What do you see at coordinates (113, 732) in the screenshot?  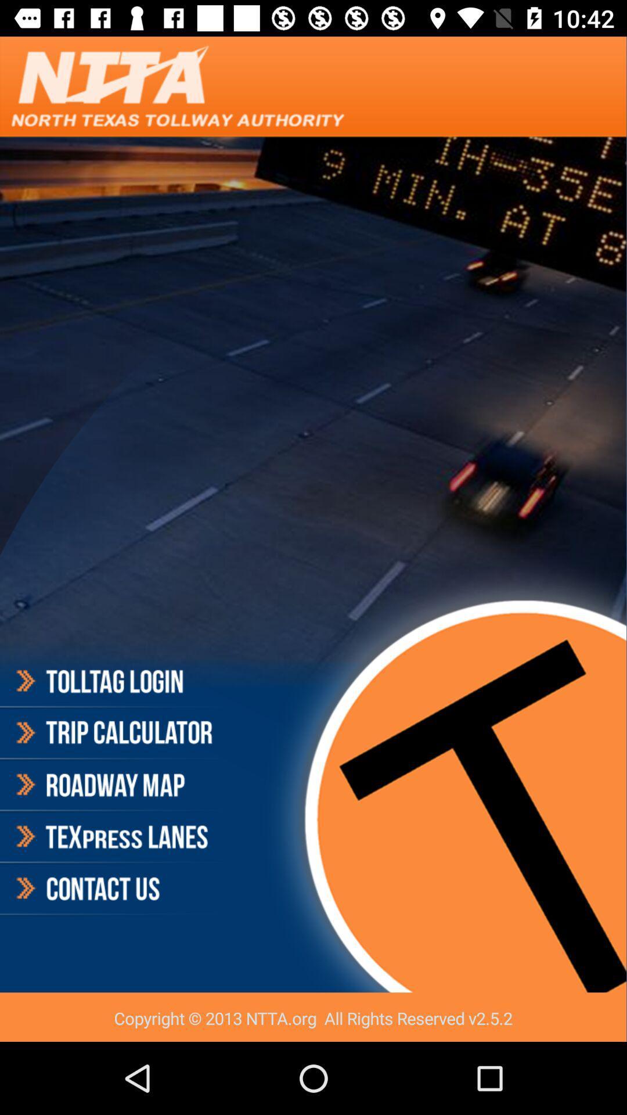 I see `trip calculator` at bounding box center [113, 732].